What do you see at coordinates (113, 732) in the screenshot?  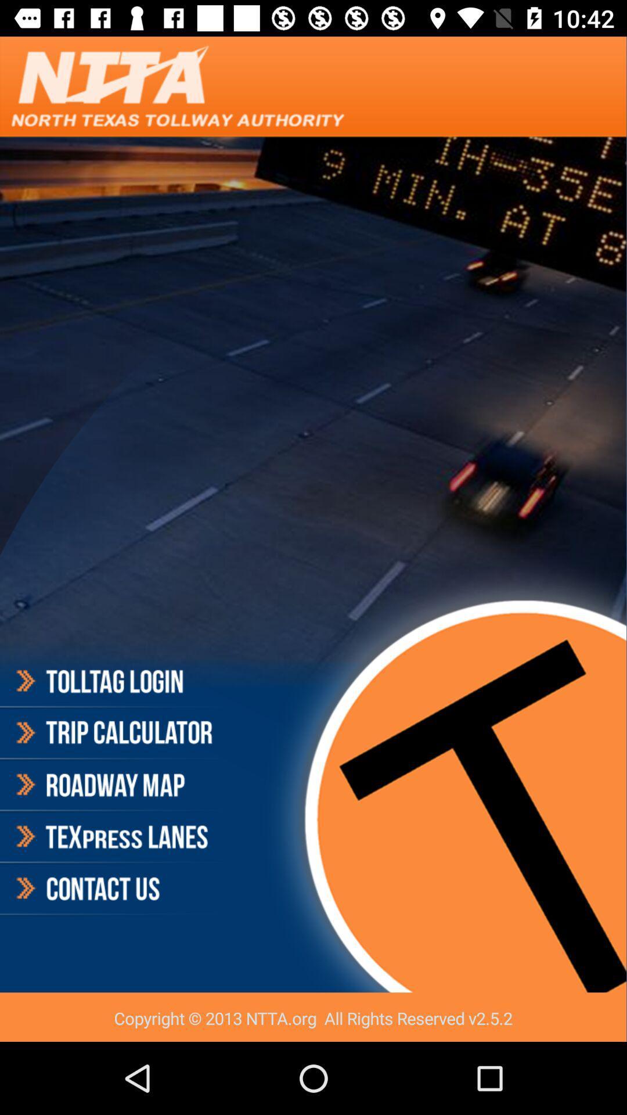 I see `trip calculator` at bounding box center [113, 732].